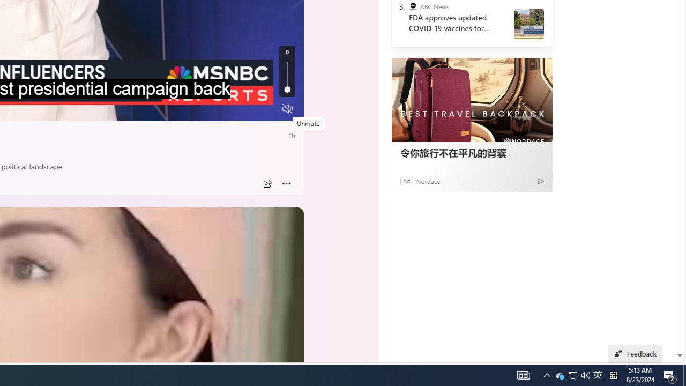 The height and width of the screenshot is (386, 686). What do you see at coordinates (287, 109) in the screenshot?
I see `'Unmute'` at bounding box center [287, 109].